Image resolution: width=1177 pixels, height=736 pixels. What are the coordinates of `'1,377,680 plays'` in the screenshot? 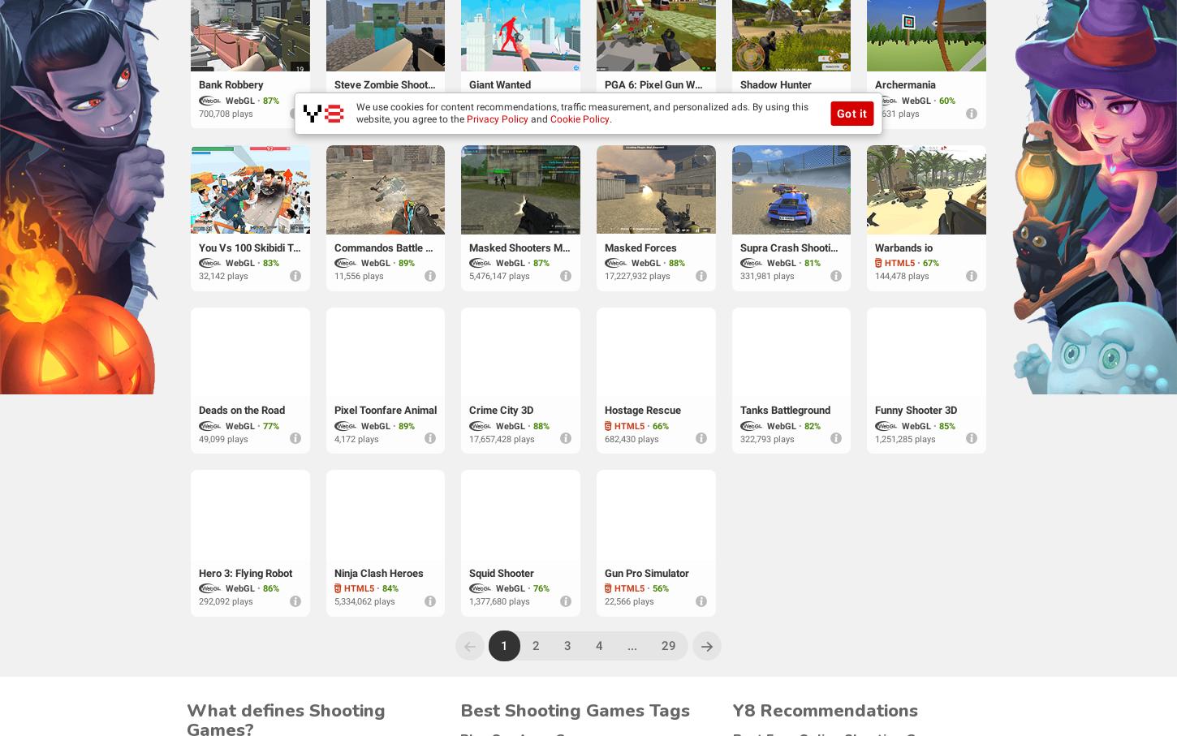 It's located at (498, 601).